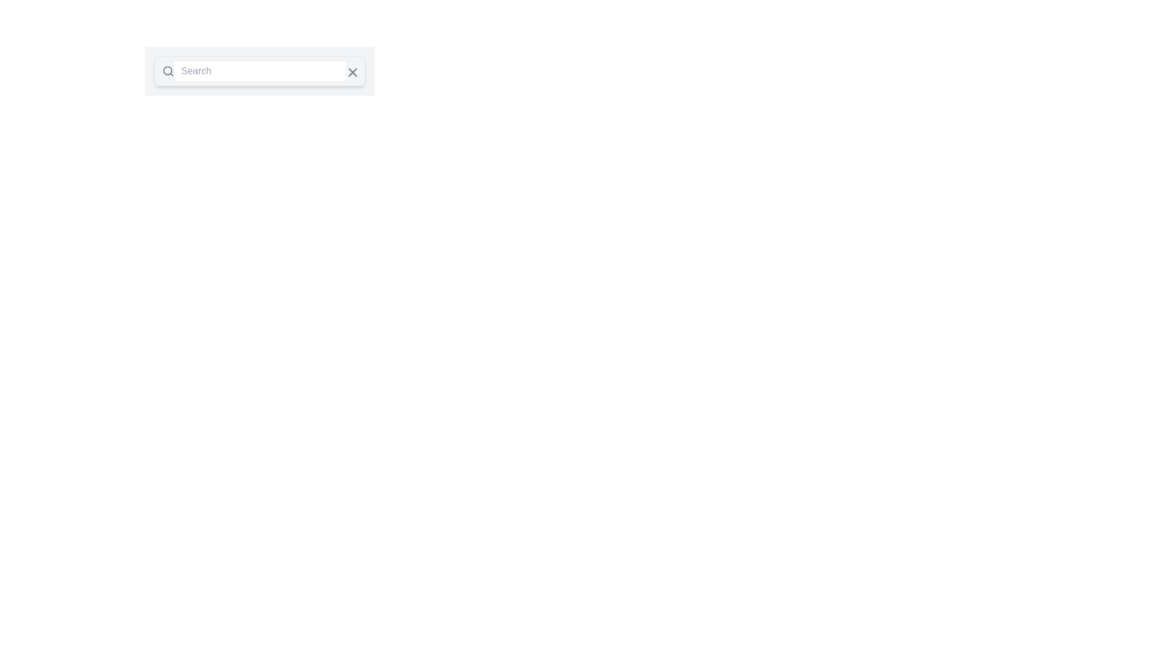 The image size is (1150, 647). Describe the element at coordinates (167, 71) in the screenshot. I see `the magnifying glass icon located to the left of the search text input field in the navigation bar` at that location.